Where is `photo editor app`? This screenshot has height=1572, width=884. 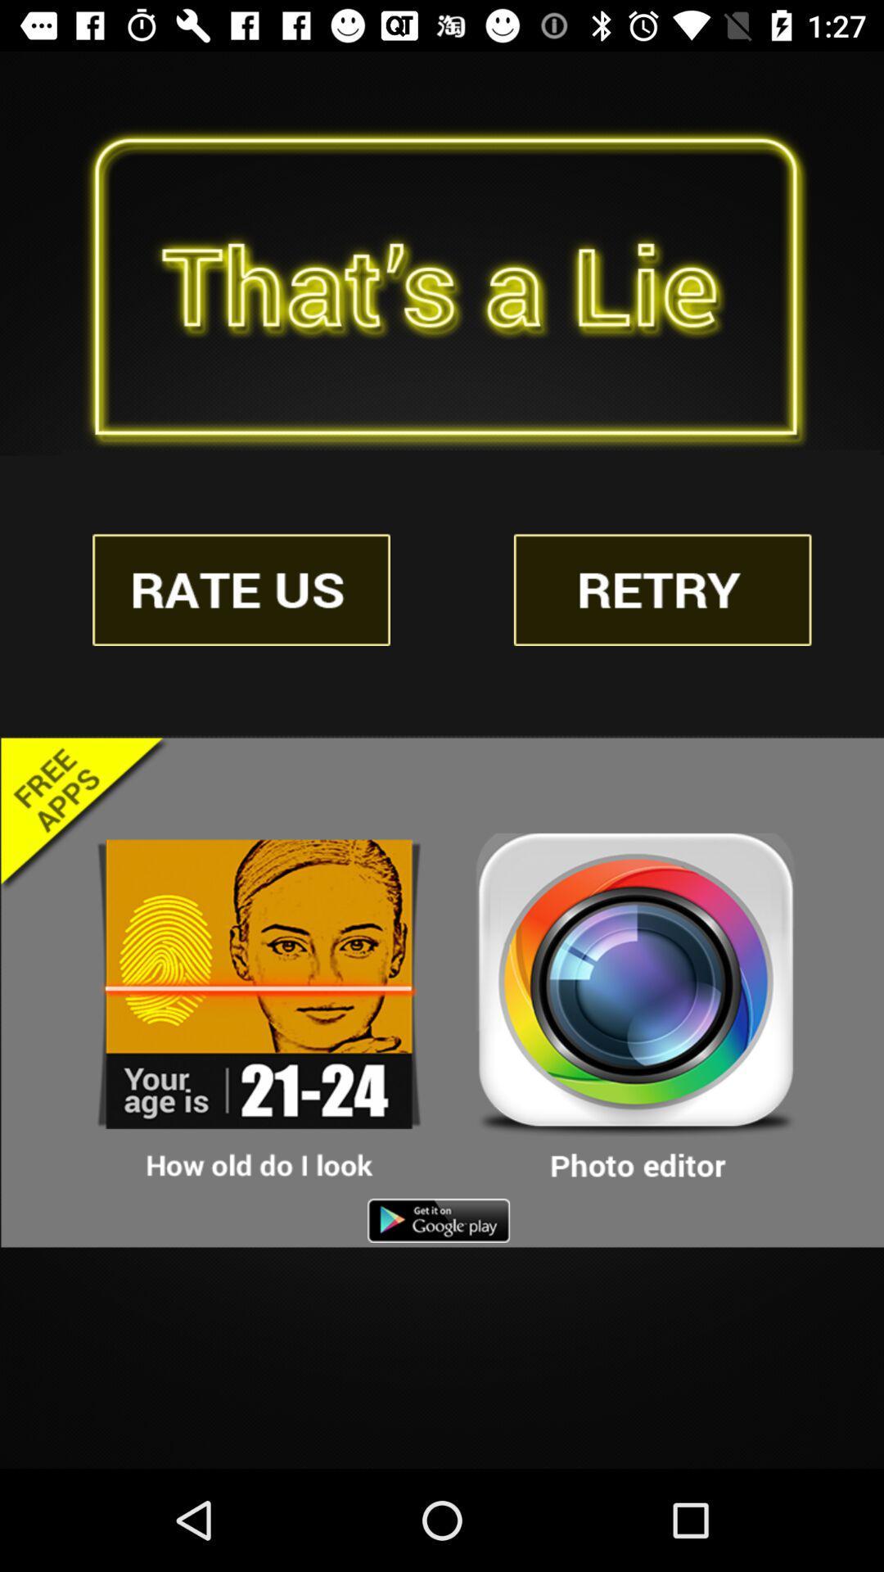 photo editor app is located at coordinates (635, 1007).